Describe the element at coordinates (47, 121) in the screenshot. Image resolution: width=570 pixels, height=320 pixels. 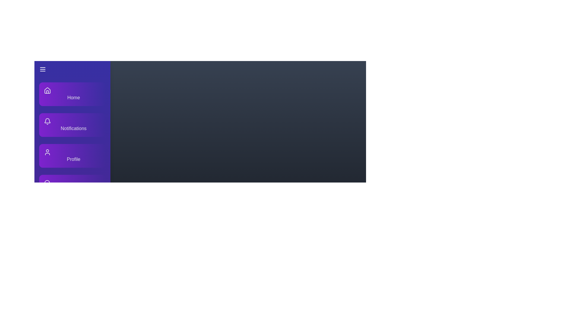
I see `the Notifications icon in the menu` at that location.